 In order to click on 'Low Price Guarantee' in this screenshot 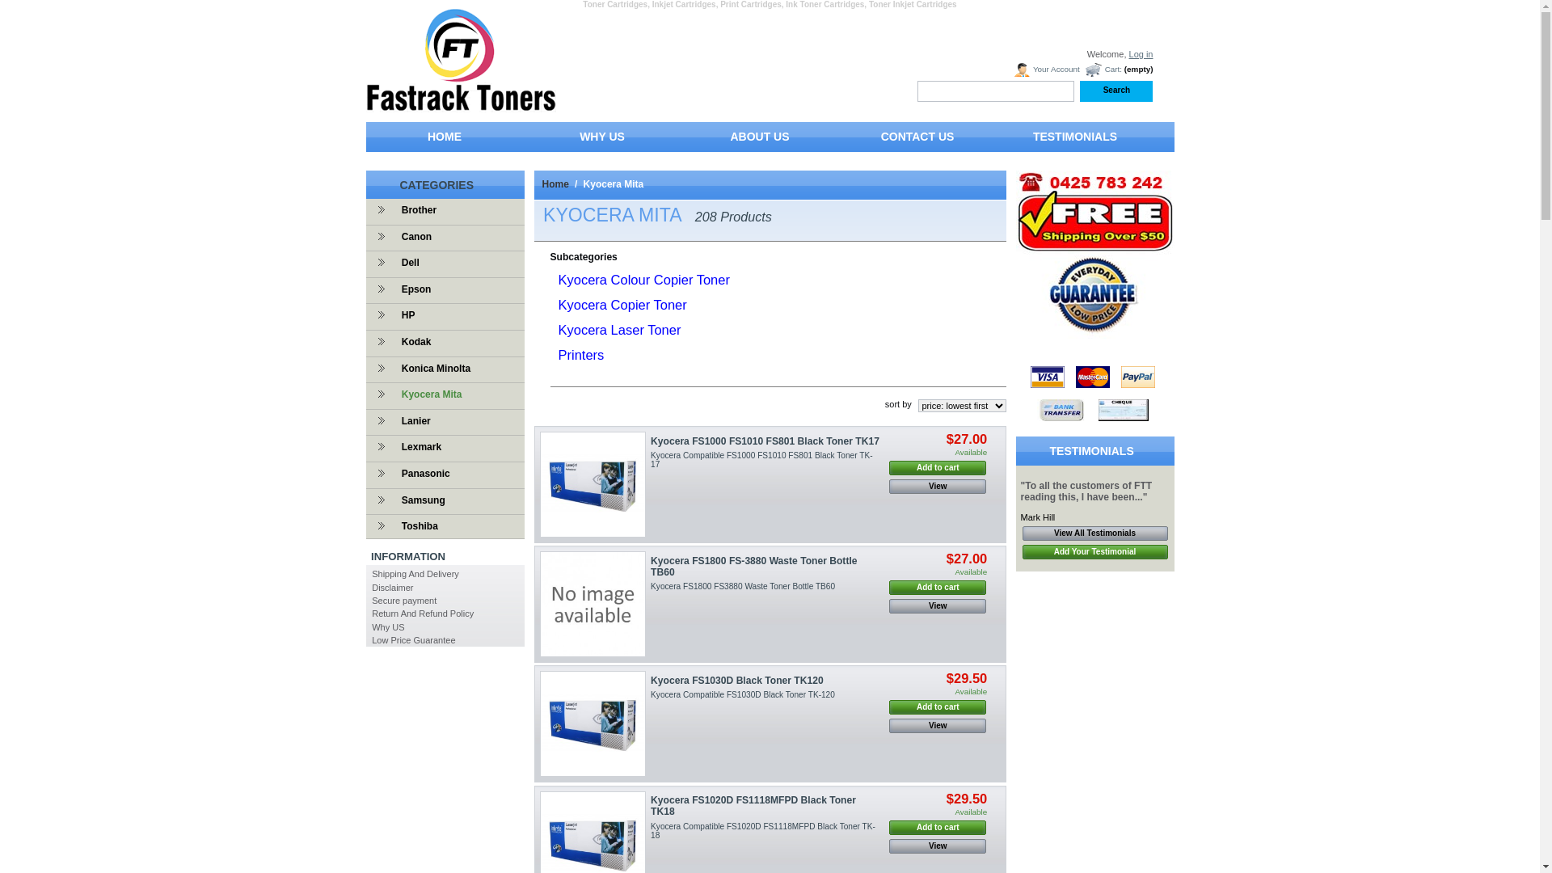, I will do `click(413, 639)`.